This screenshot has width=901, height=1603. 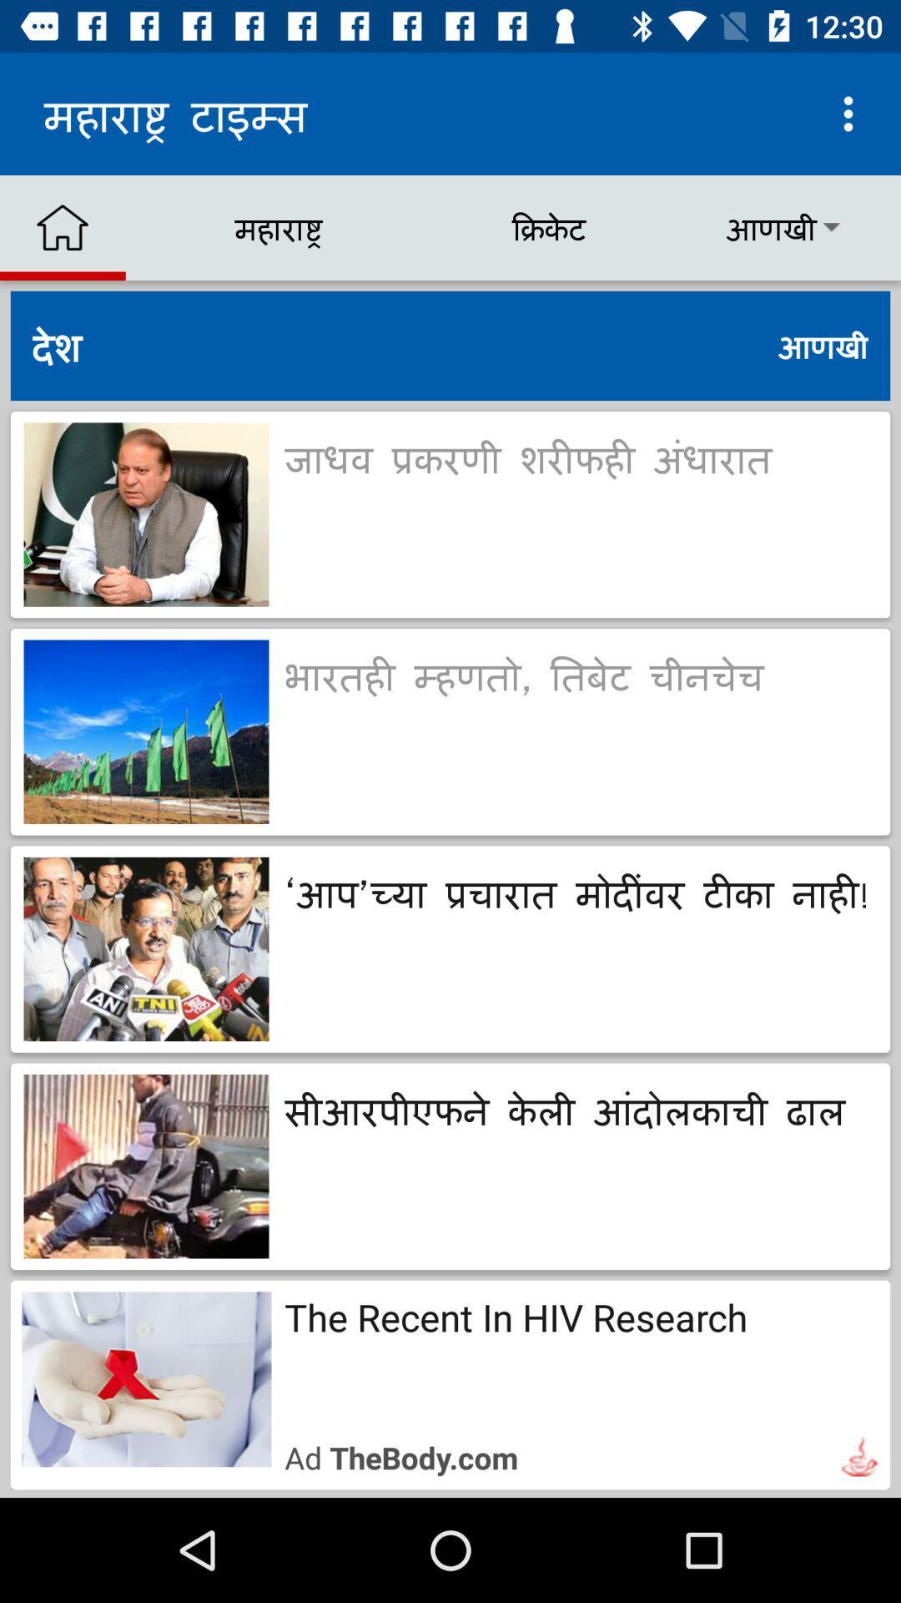 What do you see at coordinates (146, 732) in the screenshot?
I see `the second image of the page` at bounding box center [146, 732].